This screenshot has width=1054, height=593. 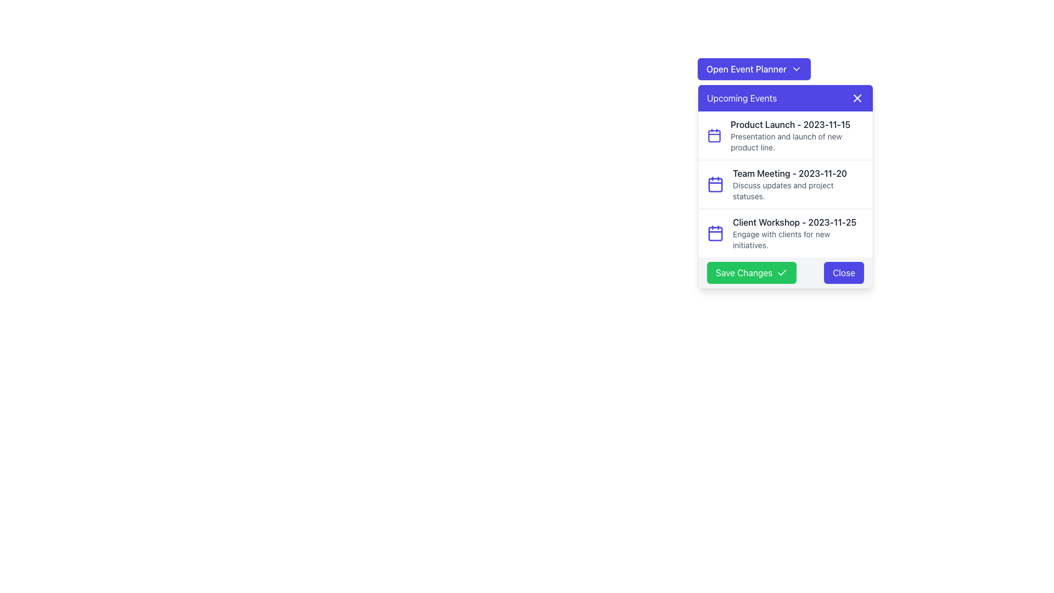 What do you see at coordinates (798, 232) in the screenshot?
I see `the Text block that informs the user about the 'Client Workshop' event scheduled for 2023-11-25, located in the 'Upcoming Events' panel as the third item in the list` at bounding box center [798, 232].